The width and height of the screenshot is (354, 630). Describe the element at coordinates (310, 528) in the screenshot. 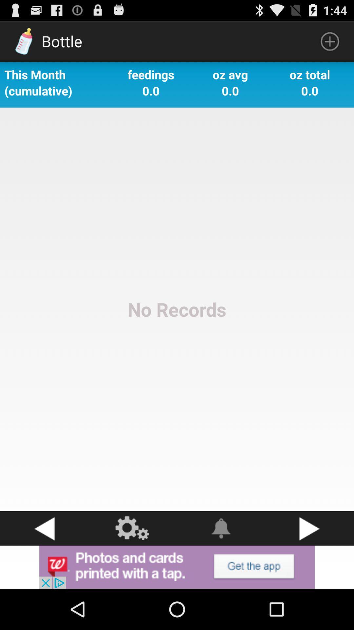

I see `go next` at that location.